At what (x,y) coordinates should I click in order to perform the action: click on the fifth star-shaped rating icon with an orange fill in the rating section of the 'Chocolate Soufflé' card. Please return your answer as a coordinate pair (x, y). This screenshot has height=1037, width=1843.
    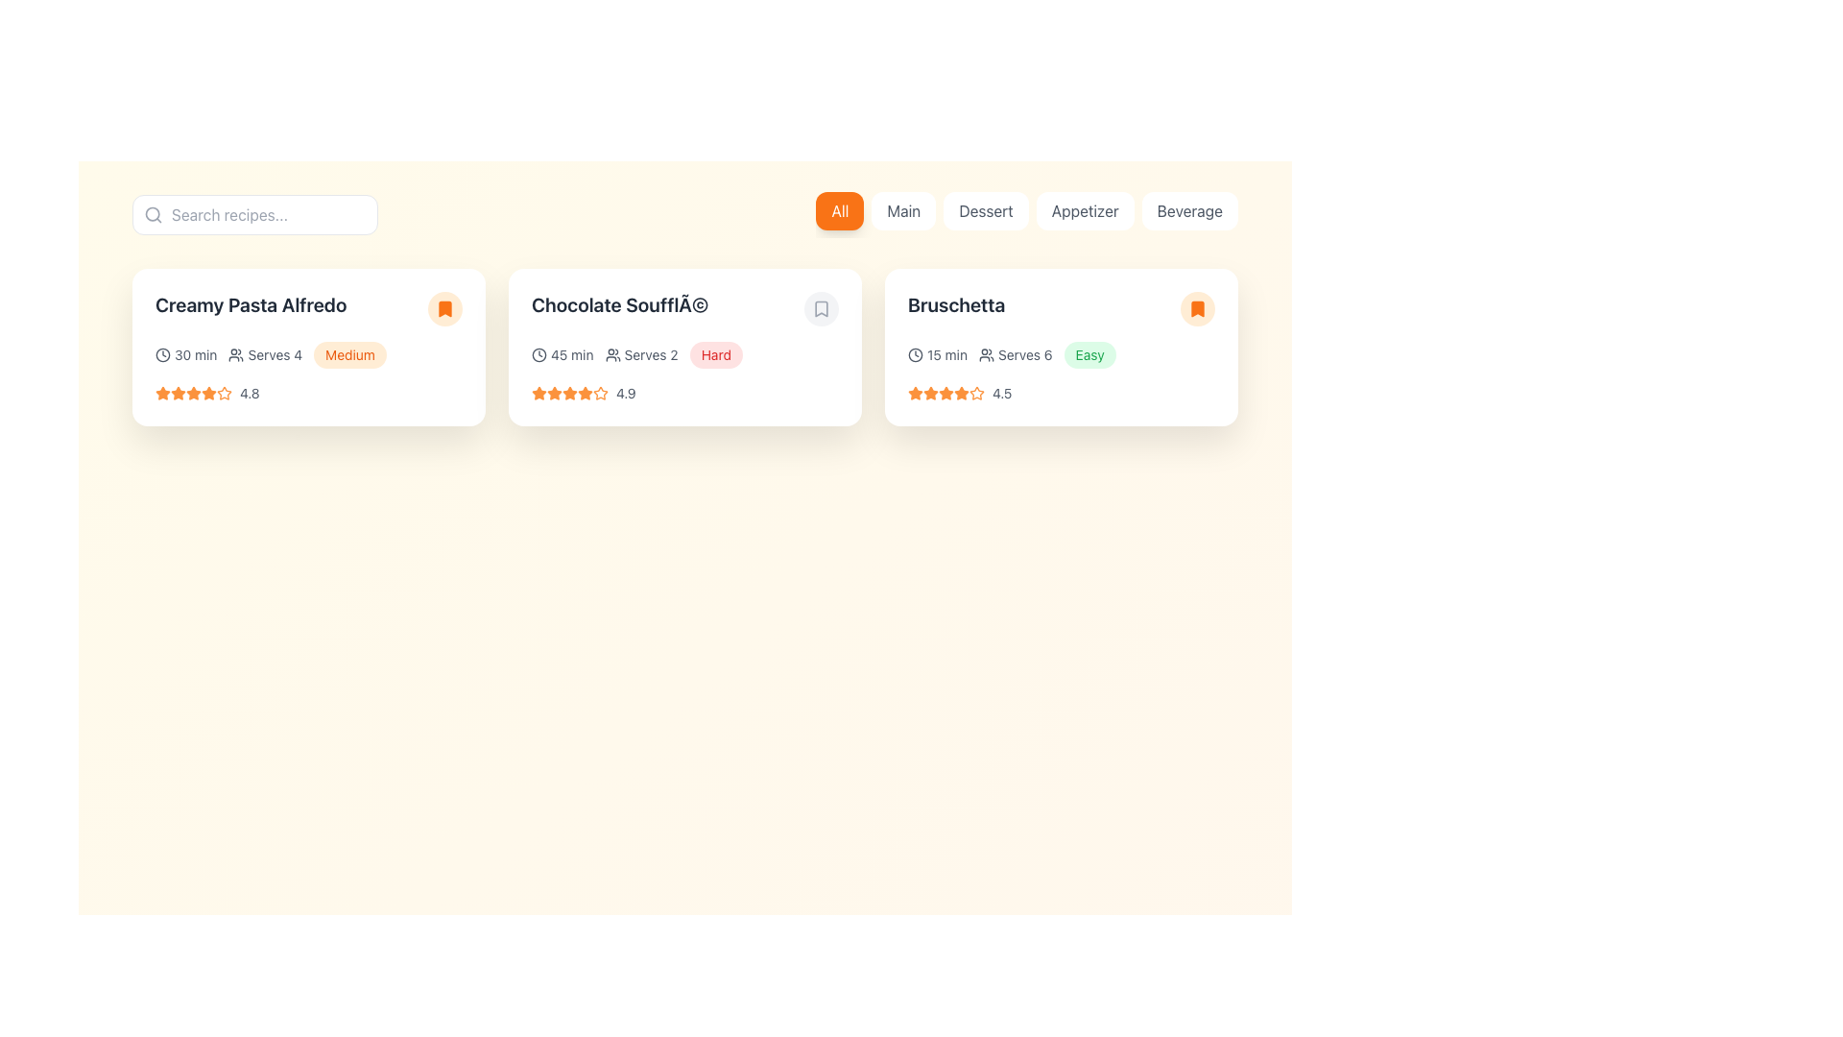
    Looking at the image, I should click on (569, 392).